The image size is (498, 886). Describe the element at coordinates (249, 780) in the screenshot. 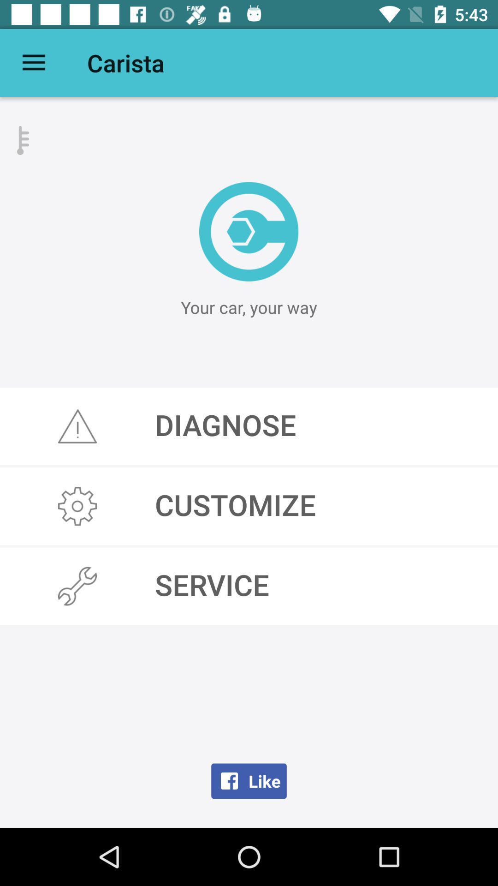

I see `the like icon` at that location.